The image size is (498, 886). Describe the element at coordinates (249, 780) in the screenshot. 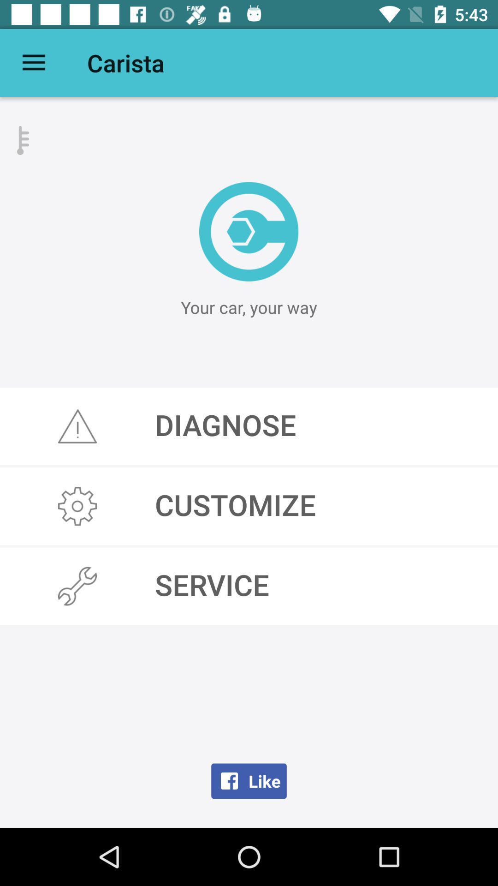

I see `the like icon` at that location.